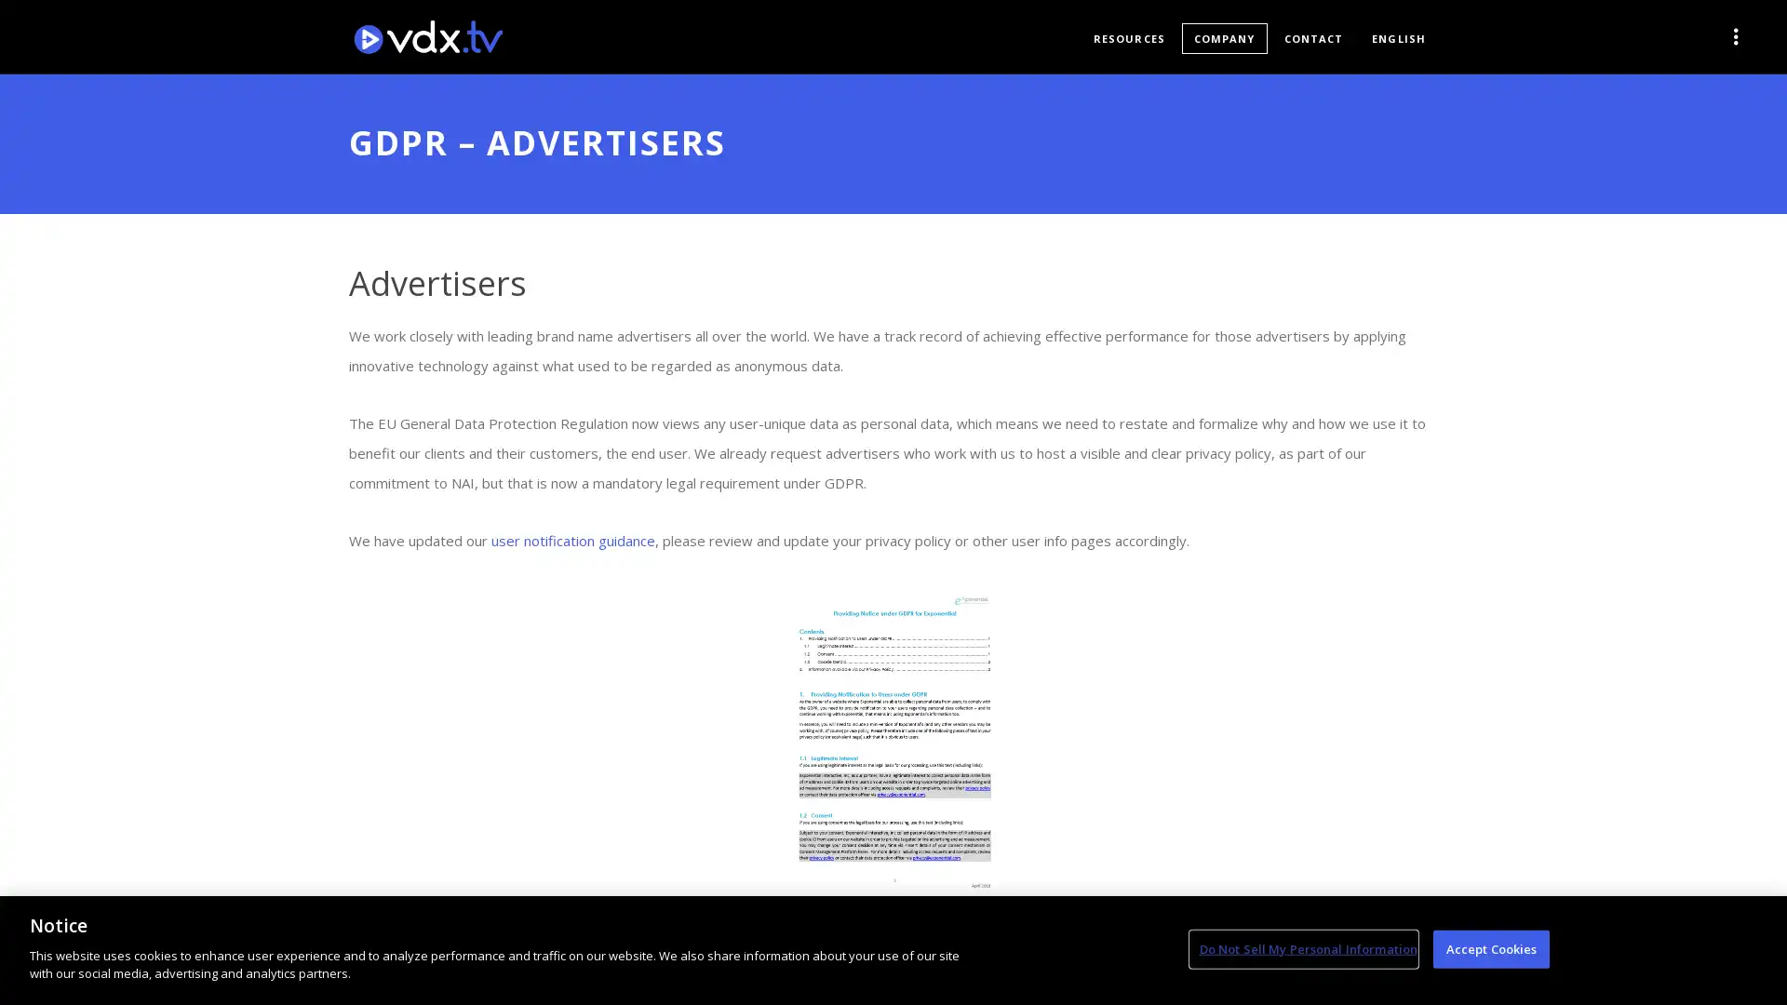 Image resolution: width=1787 pixels, height=1005 pixels. I want to click on Do Not Sell My Personal Information, so click(1302, 948).